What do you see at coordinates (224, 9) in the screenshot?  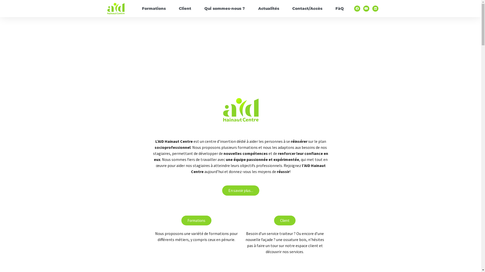 I see `'Qui sommes-nous ?'` at bounding box center [224, 9].